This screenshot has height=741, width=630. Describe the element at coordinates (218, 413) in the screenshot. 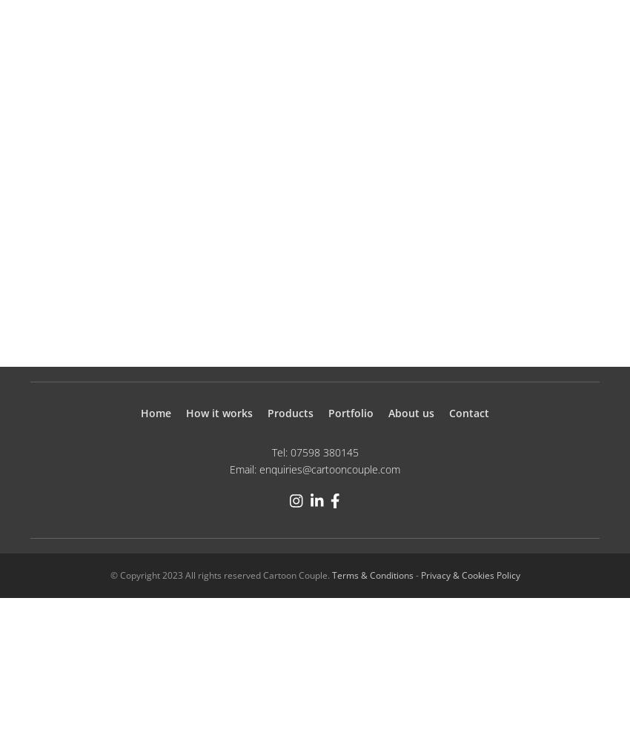

I see `'How it works'` at that location.